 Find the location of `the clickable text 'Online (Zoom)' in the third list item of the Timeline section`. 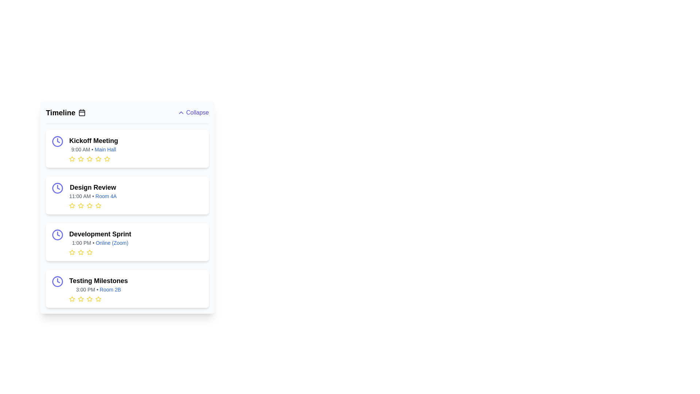

the clickable text 'Online (Zoom)' in the third list item of the Timeline section is located at coordinates (100, 242).